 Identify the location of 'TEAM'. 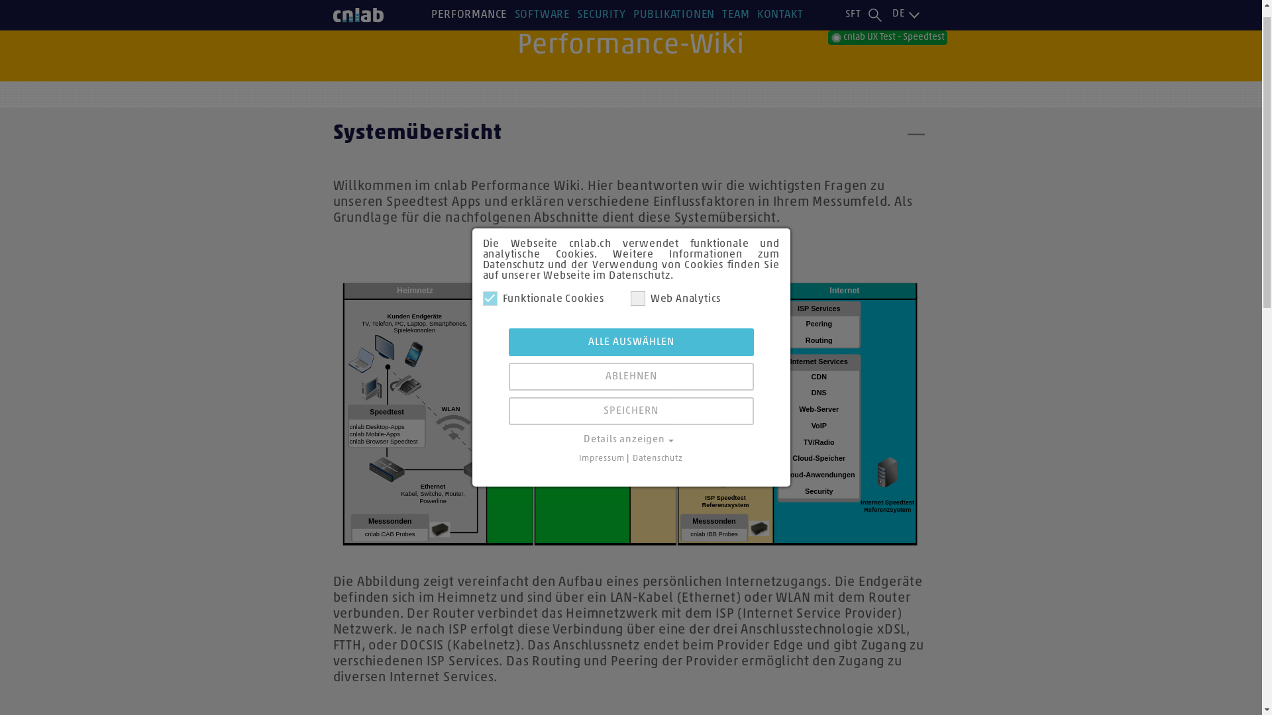
(735, 33).